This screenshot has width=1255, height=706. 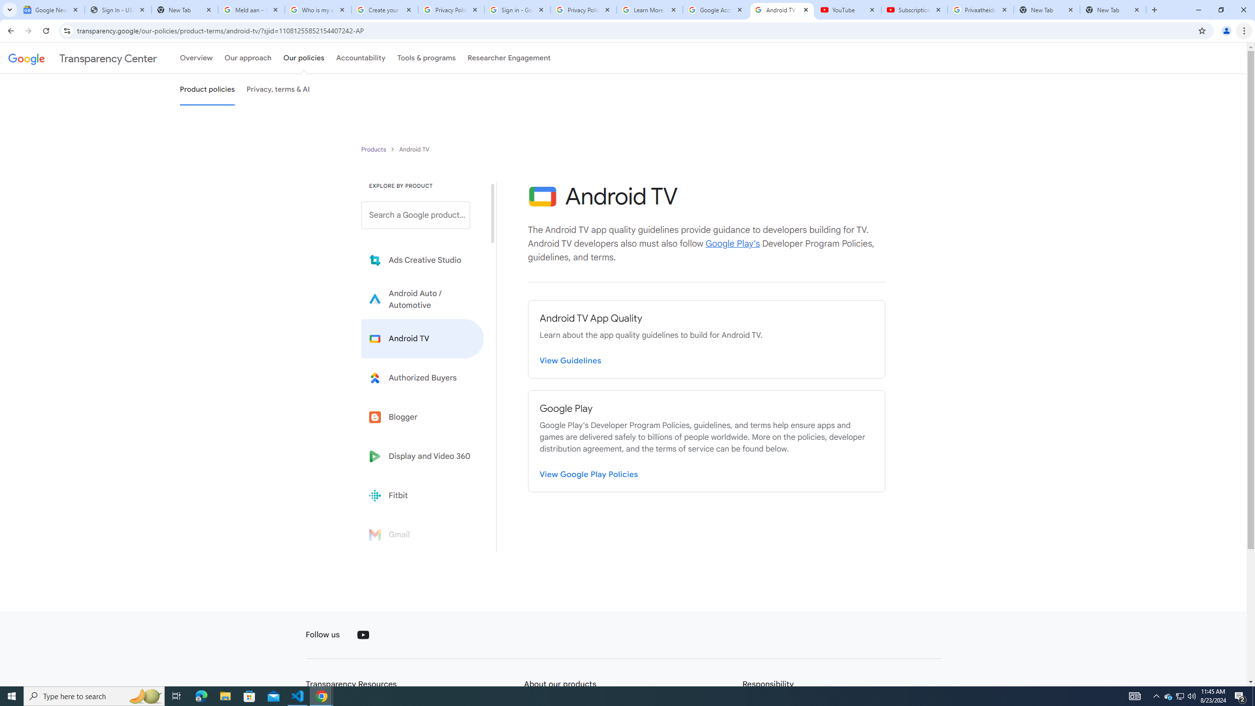 What do you see at coordinates (360, 58) in the screenshot?
I see `'Accountability'` at bounding box center [360, 58].